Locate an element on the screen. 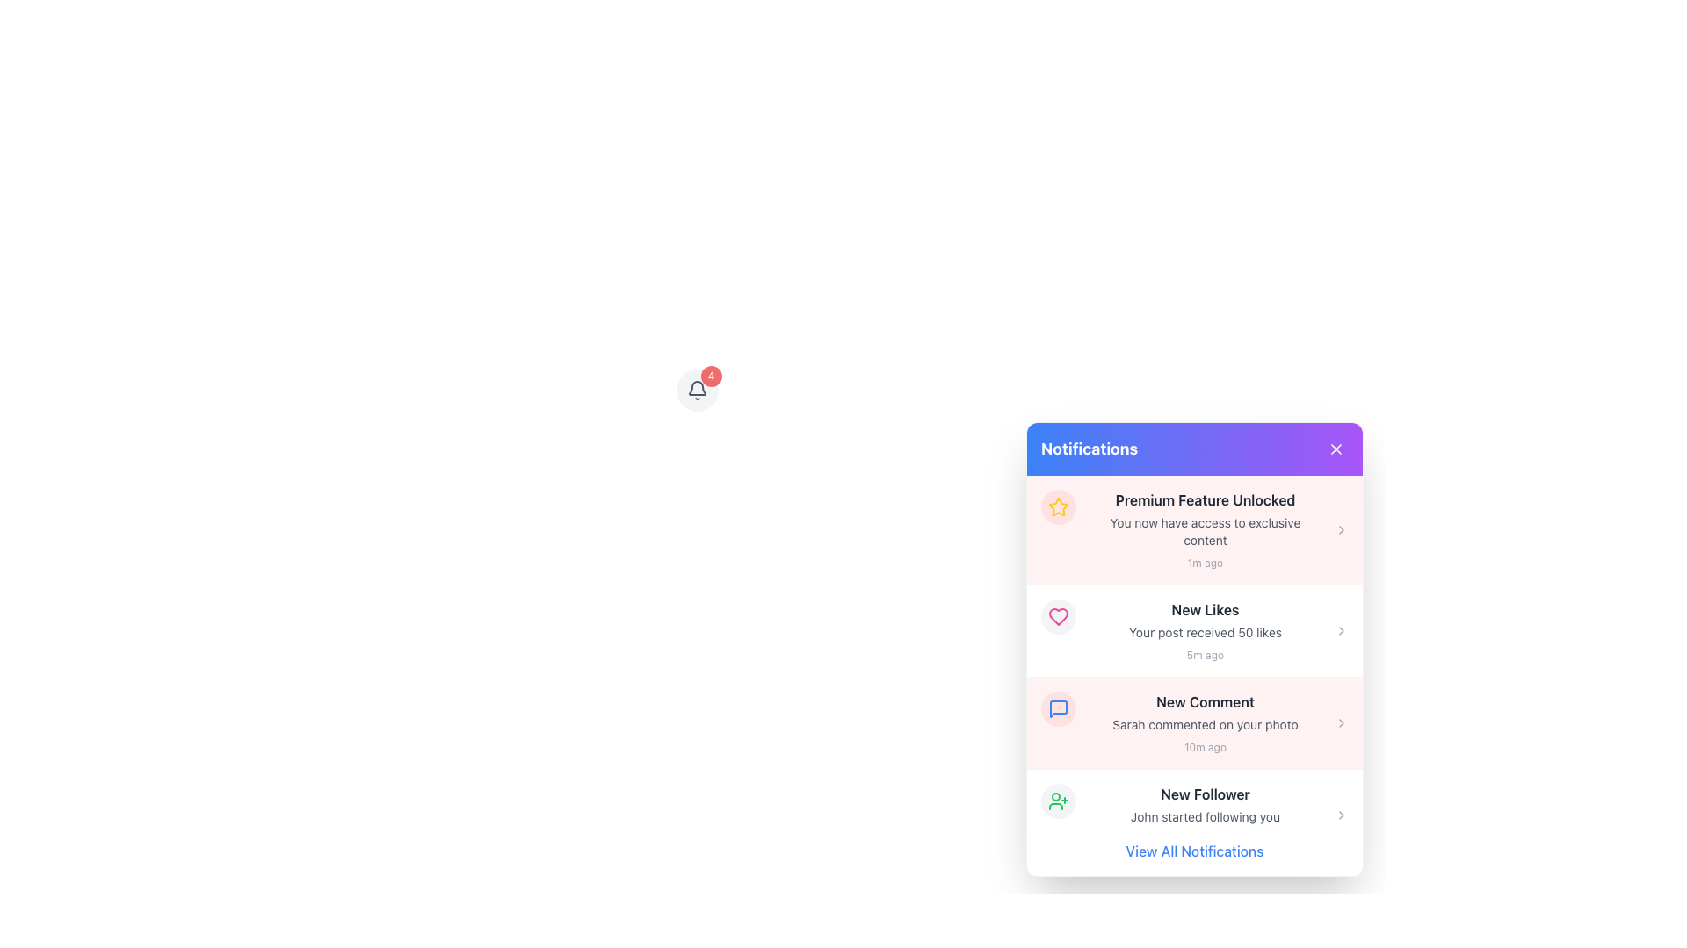  the bell icon with a red circular badge displaying '4' is located at coordinates (696, 389).